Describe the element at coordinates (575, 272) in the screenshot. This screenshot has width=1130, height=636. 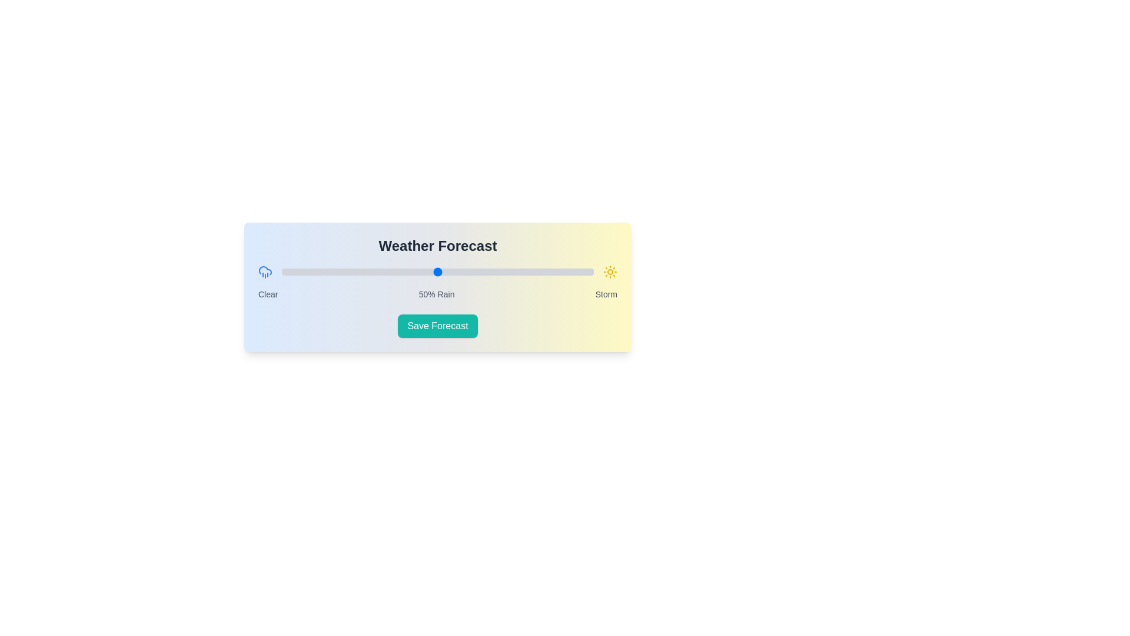
I see `the slider to set the rain probability to 94%` at that location.